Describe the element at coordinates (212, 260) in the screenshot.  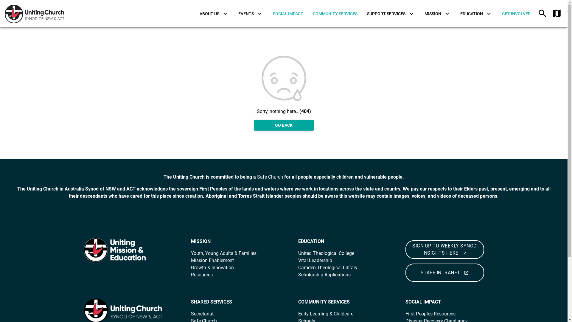
I see `'Mission Enablement'` at that location.